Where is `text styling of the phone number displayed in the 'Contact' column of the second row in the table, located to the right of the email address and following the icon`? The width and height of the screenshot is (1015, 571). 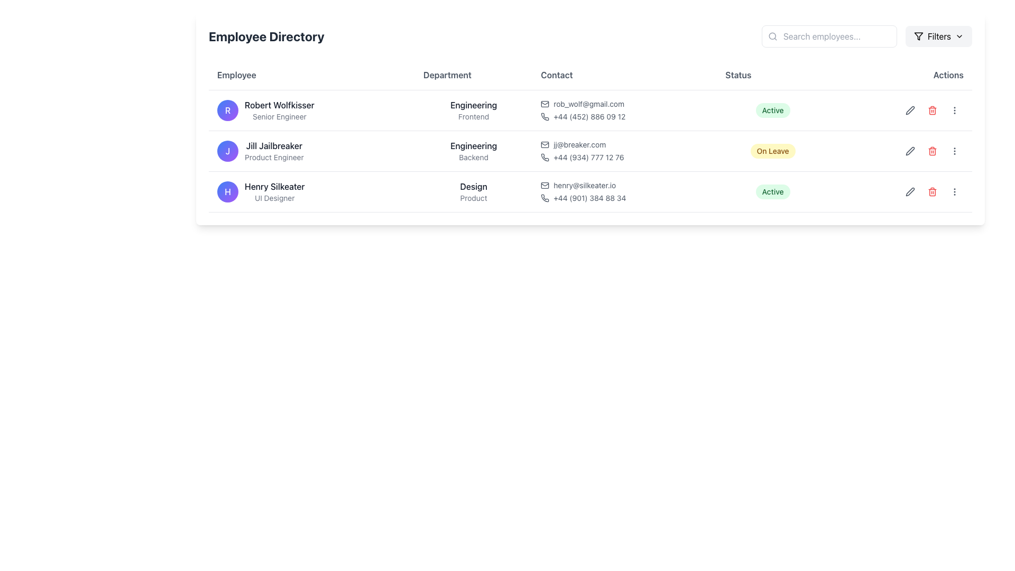
text styling of the phone number displayed in the 'Contact' column of the second row in the table, located to the right of the email address and following the icon is located at coordinates (588, 157).